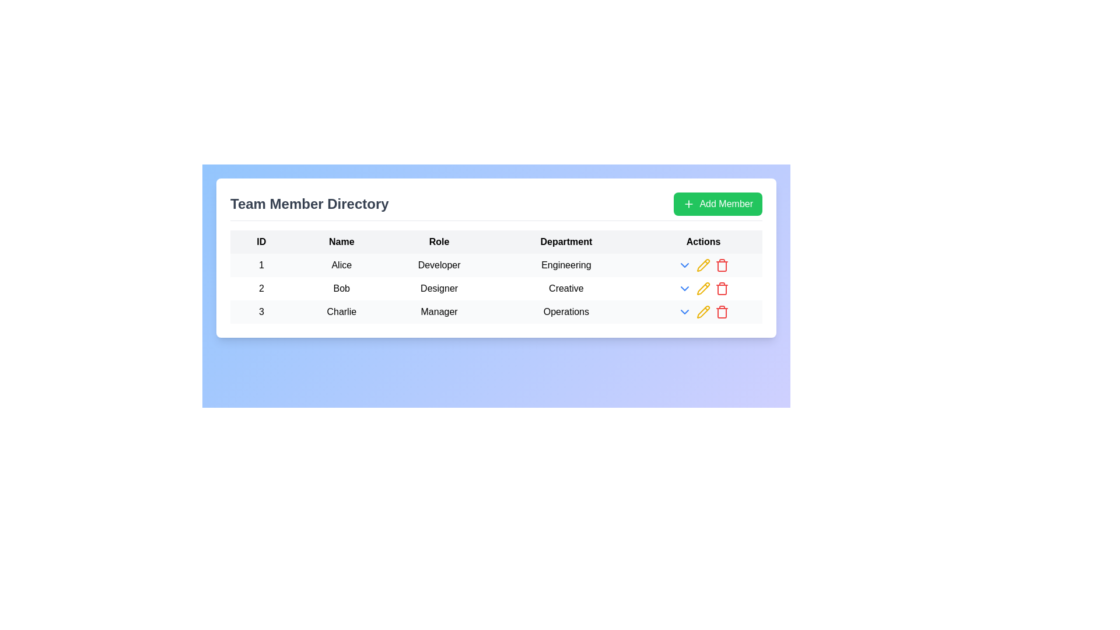 This screenshot has height=630, width=1120. I want to click on the red trash icon button located in the Actions column of the second row in the Team Member Directory table, so click(722, 288).